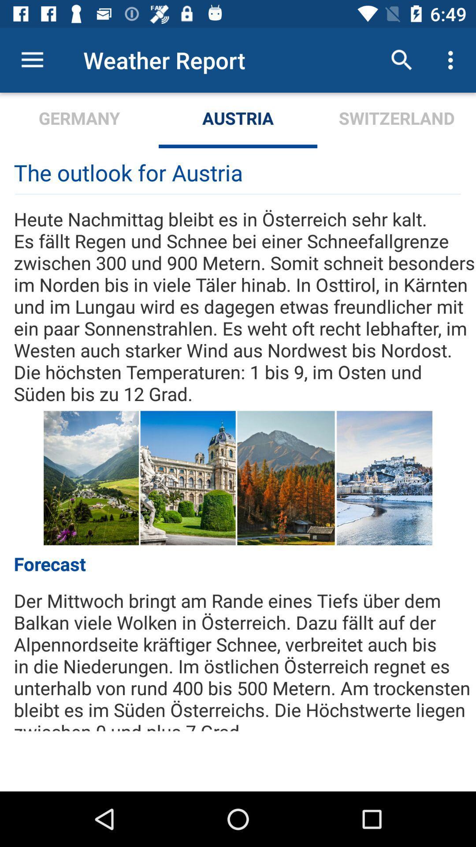 This screenshot has width=476, height=847. Describe the element at coordinates (32, 60) in the screenshot. I see `the icon to the left of the weather report` at that location.